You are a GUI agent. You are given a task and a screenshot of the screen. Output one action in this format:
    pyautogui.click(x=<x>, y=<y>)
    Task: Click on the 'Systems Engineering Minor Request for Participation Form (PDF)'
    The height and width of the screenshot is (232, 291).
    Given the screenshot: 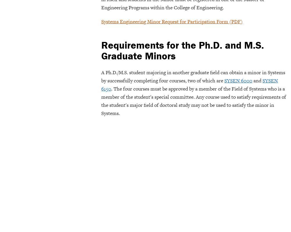 What is the action you would take?
    pyautogui.click(x=172, y=21)
    